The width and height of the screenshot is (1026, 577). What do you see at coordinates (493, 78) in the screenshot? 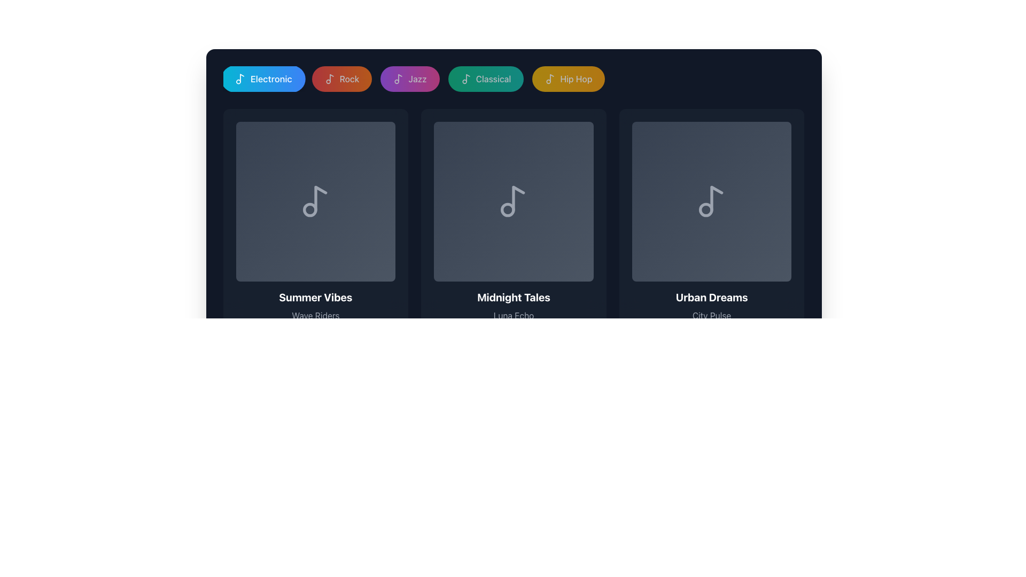
I see `the text label displaying 'Classical' in bold white font, which is the fourth item in the genre menu buttons` at bounding box center [493, 78].